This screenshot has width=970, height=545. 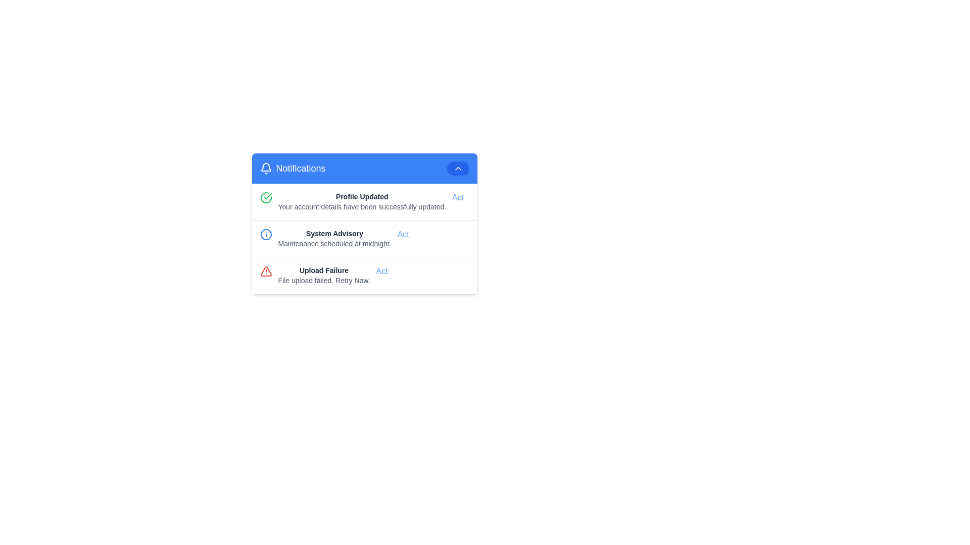 What do you see at coordinates (364, 238) in the screenshot?
I see `the 'Act' link in the Notification Card that informs about scheduled maintenance, which is positioned below 'Profile Updated' and above 'Upload Failure' in the Notifications list` at bounding box center [364, 238].